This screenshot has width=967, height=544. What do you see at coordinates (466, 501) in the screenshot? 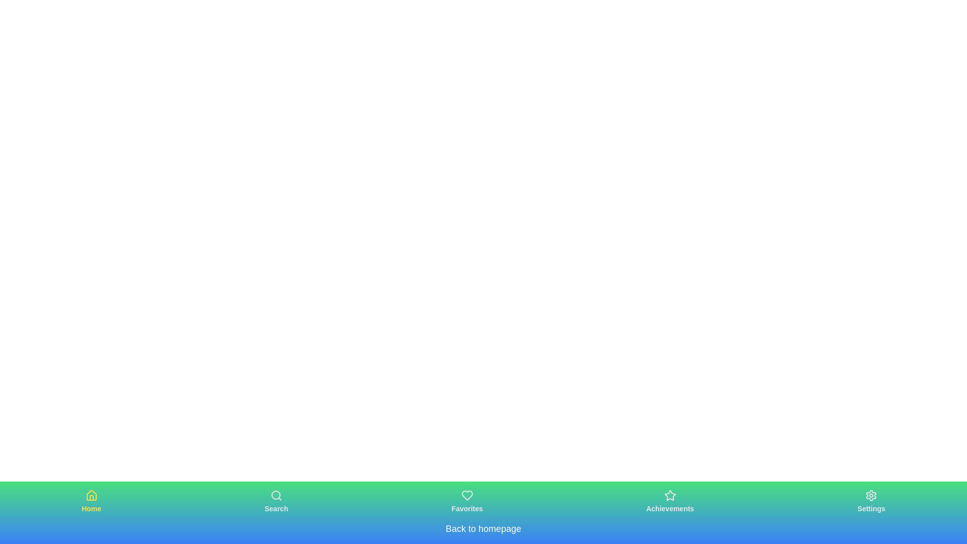
I see `the Favorites navigation button` at bounding box center [466, 501].